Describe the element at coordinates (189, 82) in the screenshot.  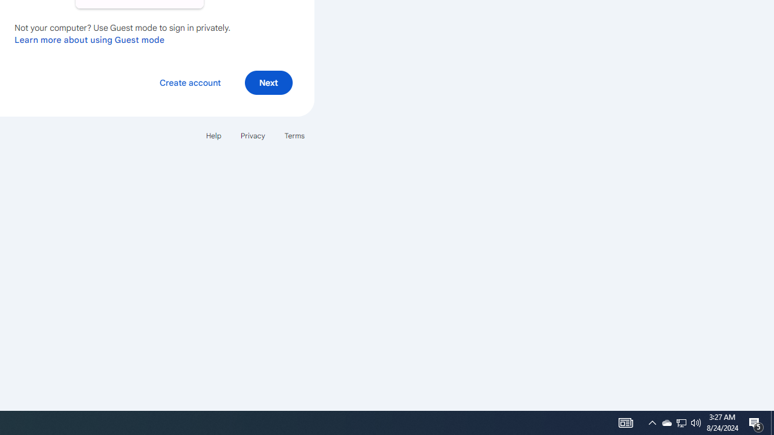
I see `'Create account'` at that location.